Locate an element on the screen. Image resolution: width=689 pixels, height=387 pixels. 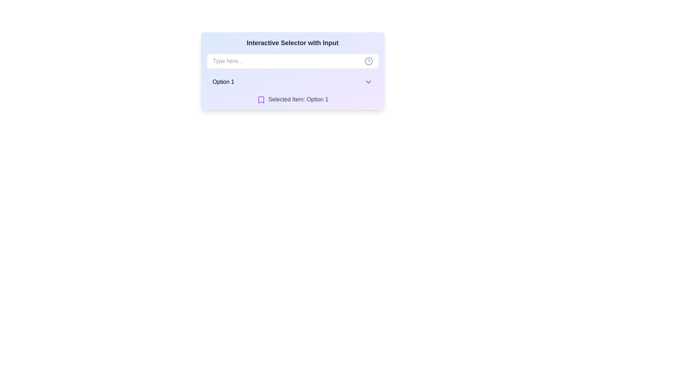
the bold, centered text displaying 'Interactive Selector with Input' located at the top-center of the panel is located at coordinates (292, 43).